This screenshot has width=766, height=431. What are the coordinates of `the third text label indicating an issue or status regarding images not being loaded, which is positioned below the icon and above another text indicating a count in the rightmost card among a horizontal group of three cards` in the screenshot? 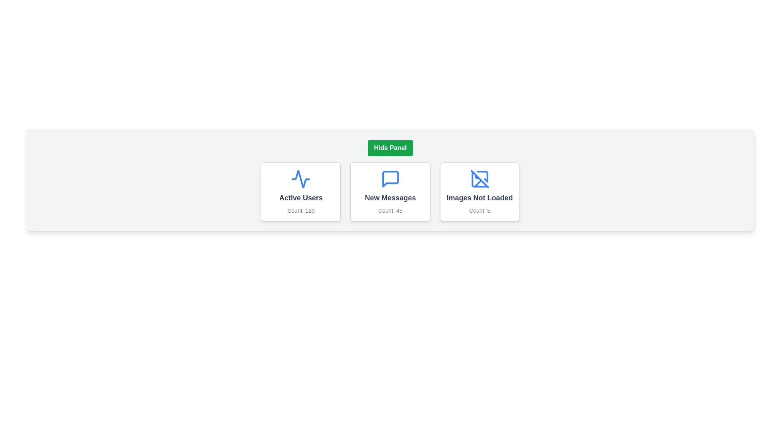 It's located at (479, 198).